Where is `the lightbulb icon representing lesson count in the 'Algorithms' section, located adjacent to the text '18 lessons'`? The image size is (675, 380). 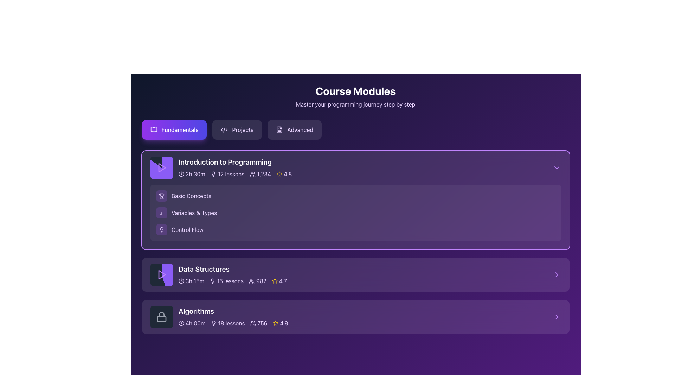 the lightbulb icon representing lesson count in the 'Algorithms' section, located adjacent to the text '18 lessons' is located at coordinates (213, 323).